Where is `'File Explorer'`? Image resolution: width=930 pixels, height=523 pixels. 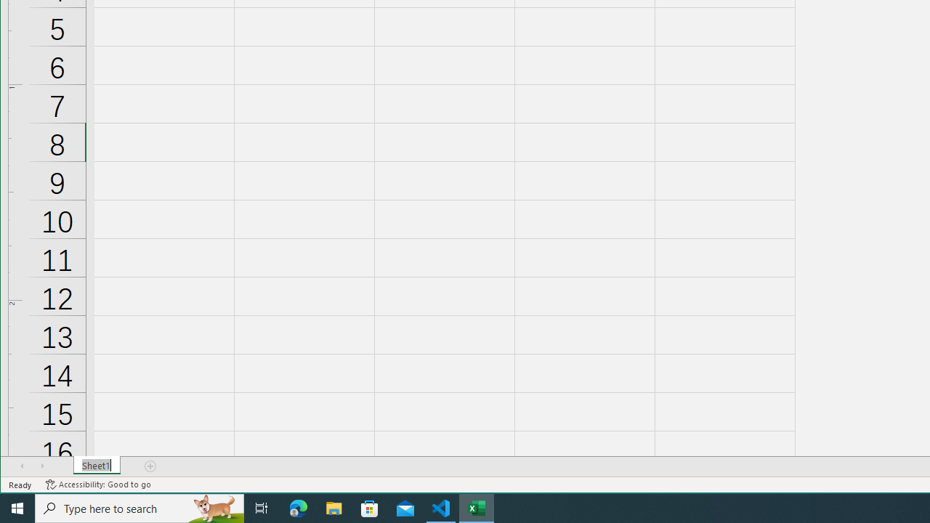 'File Explorer' is located at coordinates (333, 507).